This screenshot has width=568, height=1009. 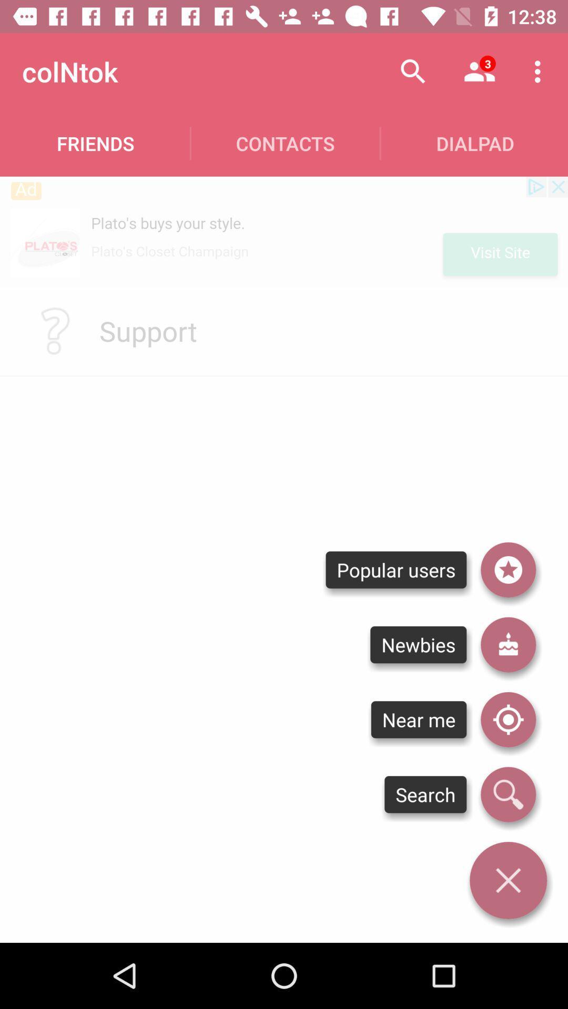 What do you see at coordinates (284, 231) in the screenshot?
I see `an inviting to visit a site` at bounding box center [284, 231].